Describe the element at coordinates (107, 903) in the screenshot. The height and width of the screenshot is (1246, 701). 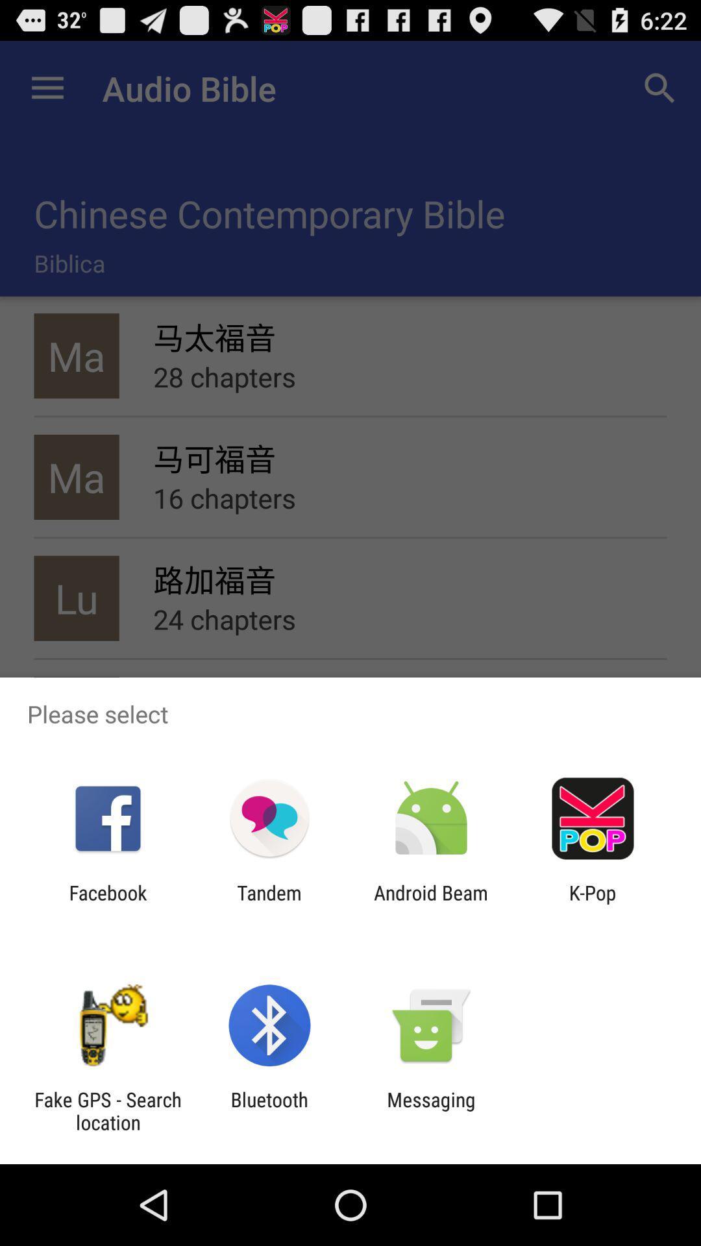
I see `facebook` at that location.